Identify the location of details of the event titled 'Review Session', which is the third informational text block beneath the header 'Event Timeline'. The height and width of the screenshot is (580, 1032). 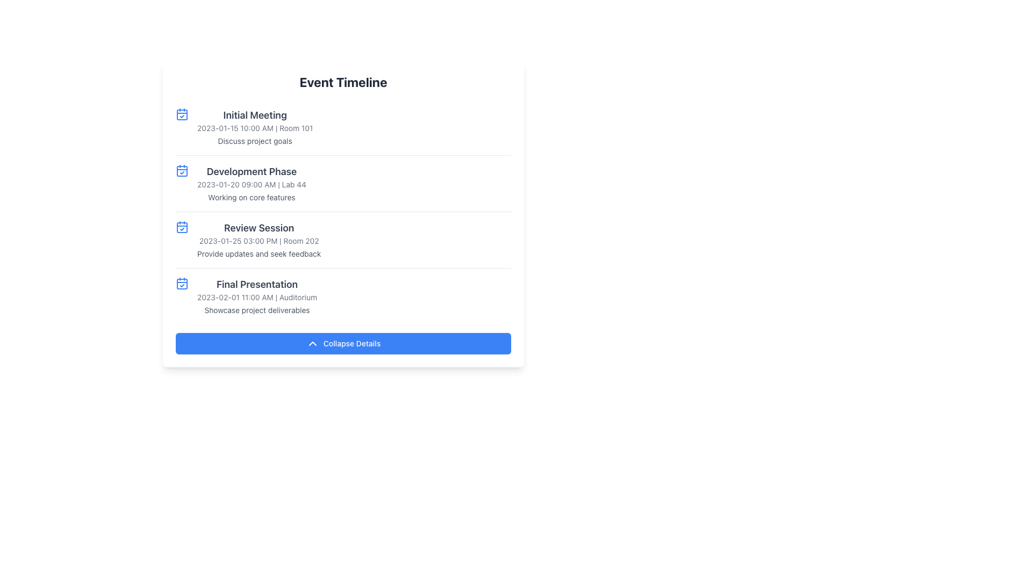
(259, 240).